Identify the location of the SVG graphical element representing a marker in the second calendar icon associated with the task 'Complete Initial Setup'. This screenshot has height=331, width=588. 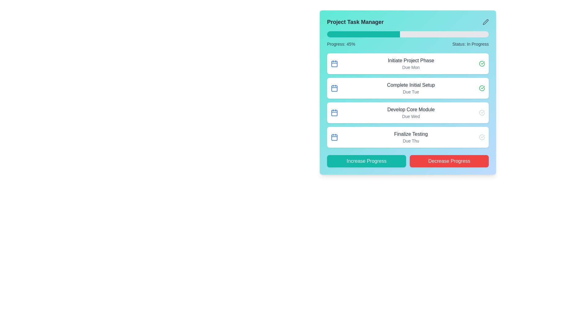
(334, 89).